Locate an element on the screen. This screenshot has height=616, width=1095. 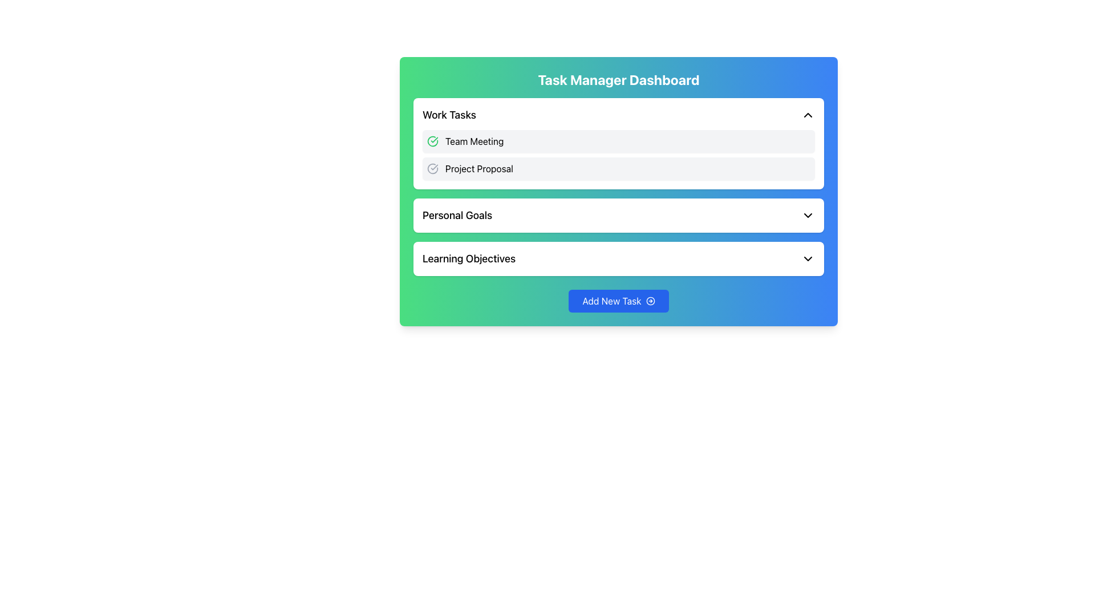
the Status indicator icon (checkmark) that signifies the completion of the 'Team Meeting' task, which is located to the left of the task text in the 'Work Tasks' section is located at coordinates (432, 140).